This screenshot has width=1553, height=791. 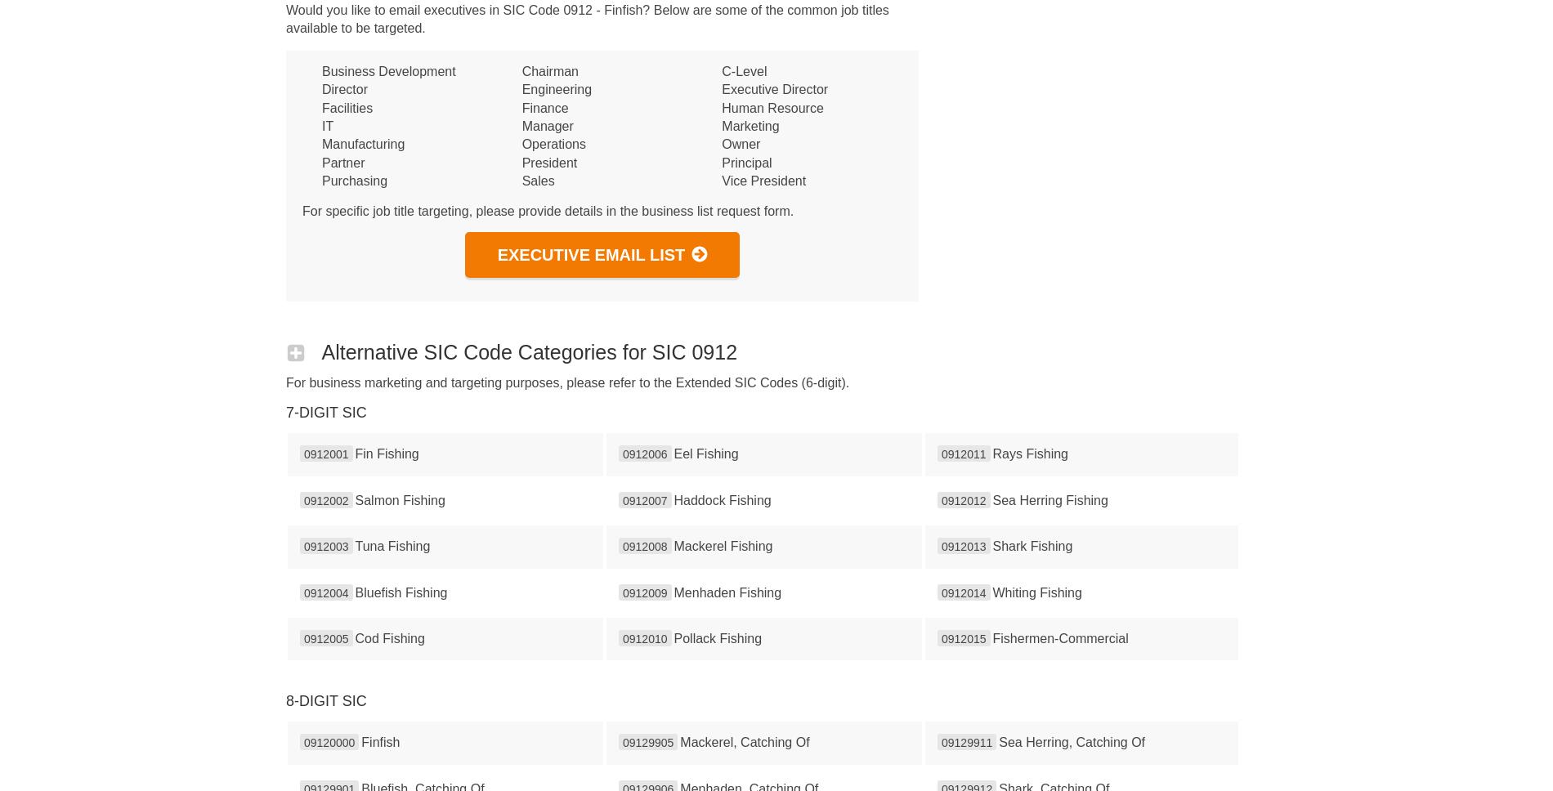 I want to click on '0912006', so click(x=644, y=454).